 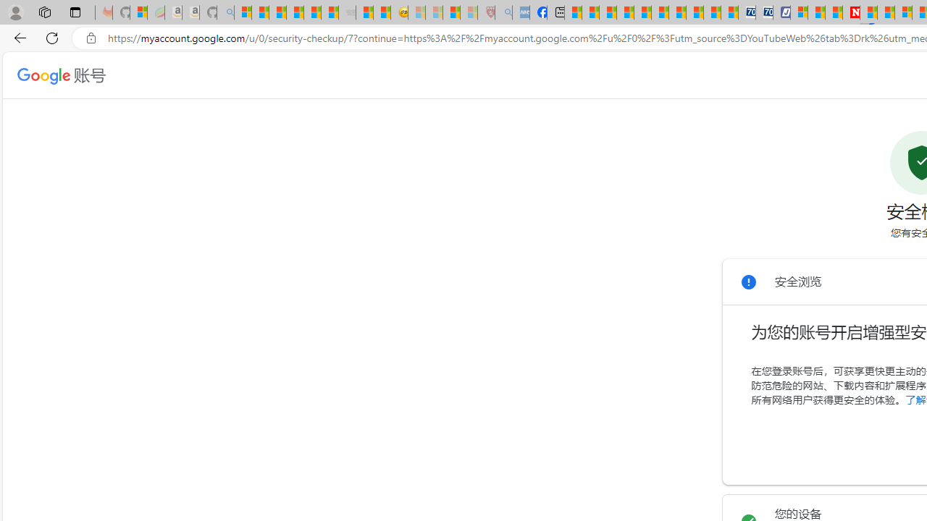 I want to click on 'Robert H. Shmerling, MD - Harvard Health - Sleeping', so click(x=487, y=12).